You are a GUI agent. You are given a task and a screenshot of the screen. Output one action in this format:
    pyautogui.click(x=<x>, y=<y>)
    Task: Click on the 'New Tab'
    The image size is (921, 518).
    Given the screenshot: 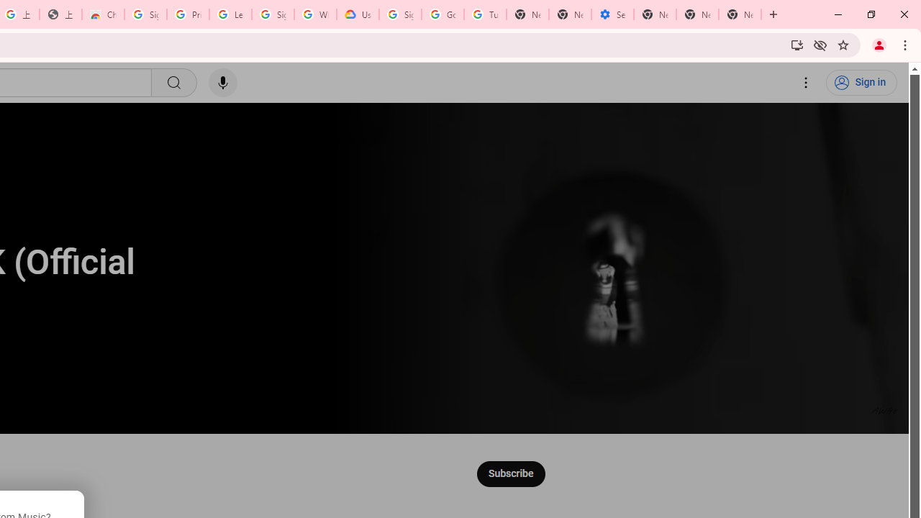 What is the action you would take?
    pyautogui.click(x=740, y=14)
    